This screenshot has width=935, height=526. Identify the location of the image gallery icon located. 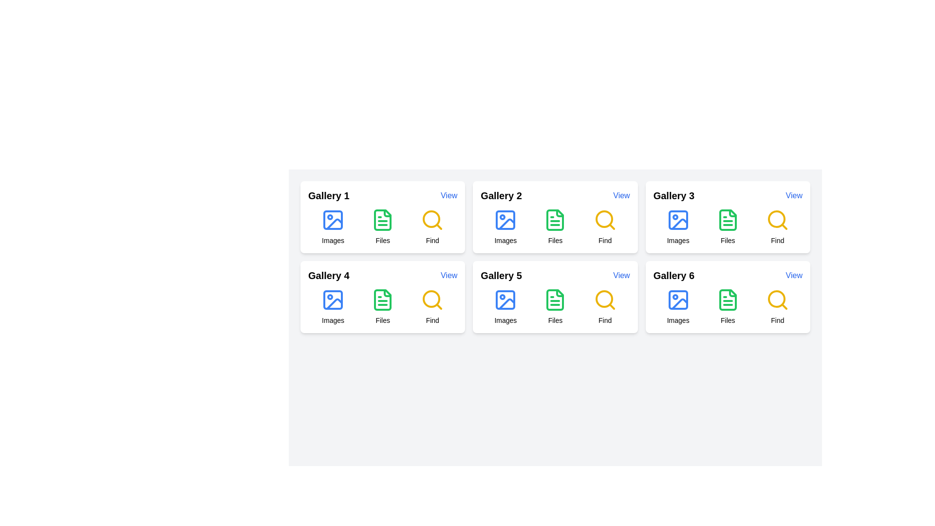
(333, 220).